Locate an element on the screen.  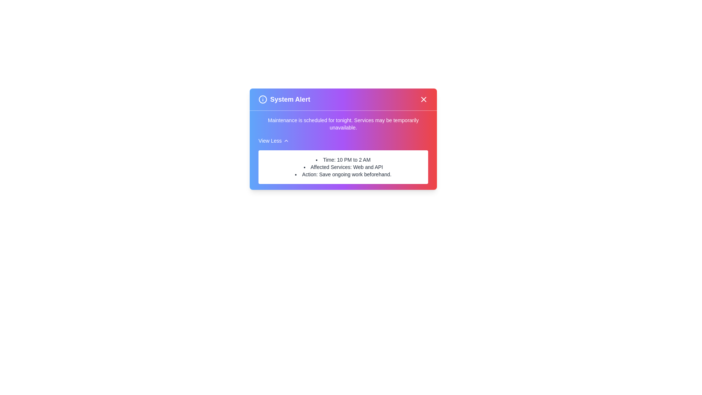
the close button to dismiss the alert is located at coordinates (423, 99).